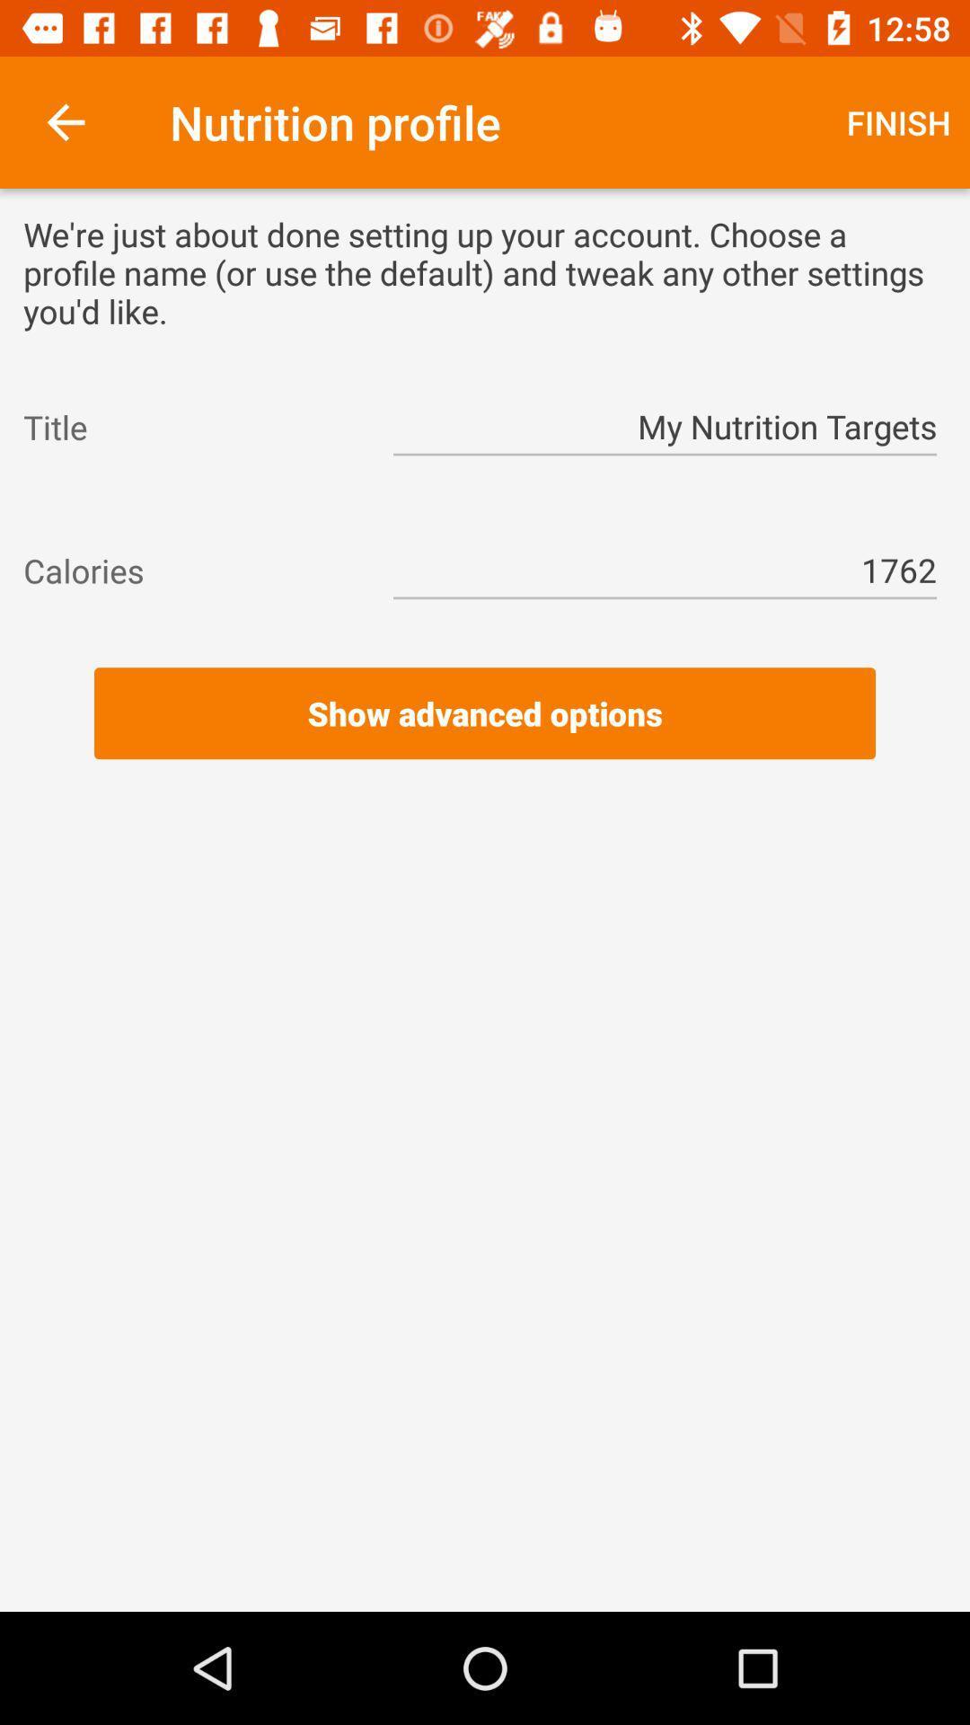  Describe the element at coordinates (191, 426) in the screenshot. I see `the item to the left of the my nutrition targets item` at that location.